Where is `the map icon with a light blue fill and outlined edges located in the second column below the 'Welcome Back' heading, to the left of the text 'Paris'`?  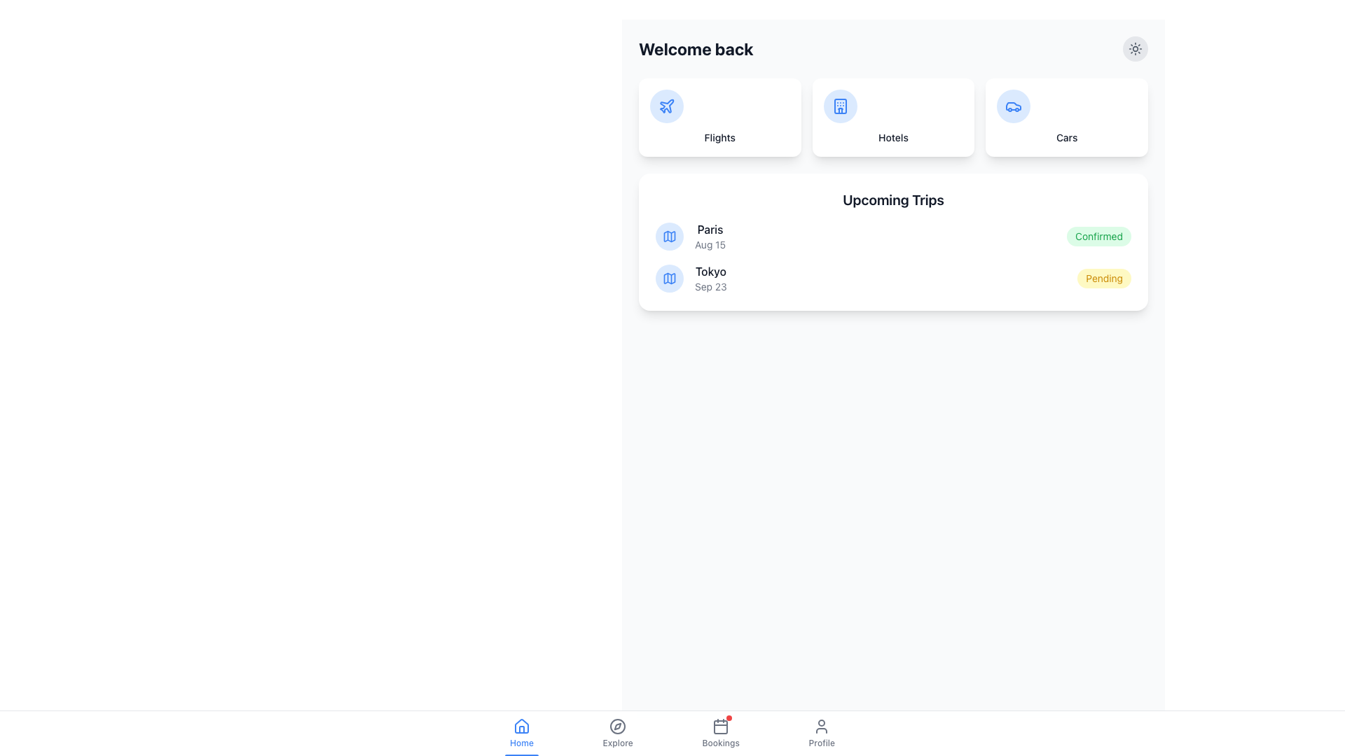 the map icon with a light blue fill and outlined edges located in the second column below the 'Welcome Back' heading, to the left of the text 'Paris' is located at coordinates (668, 278).